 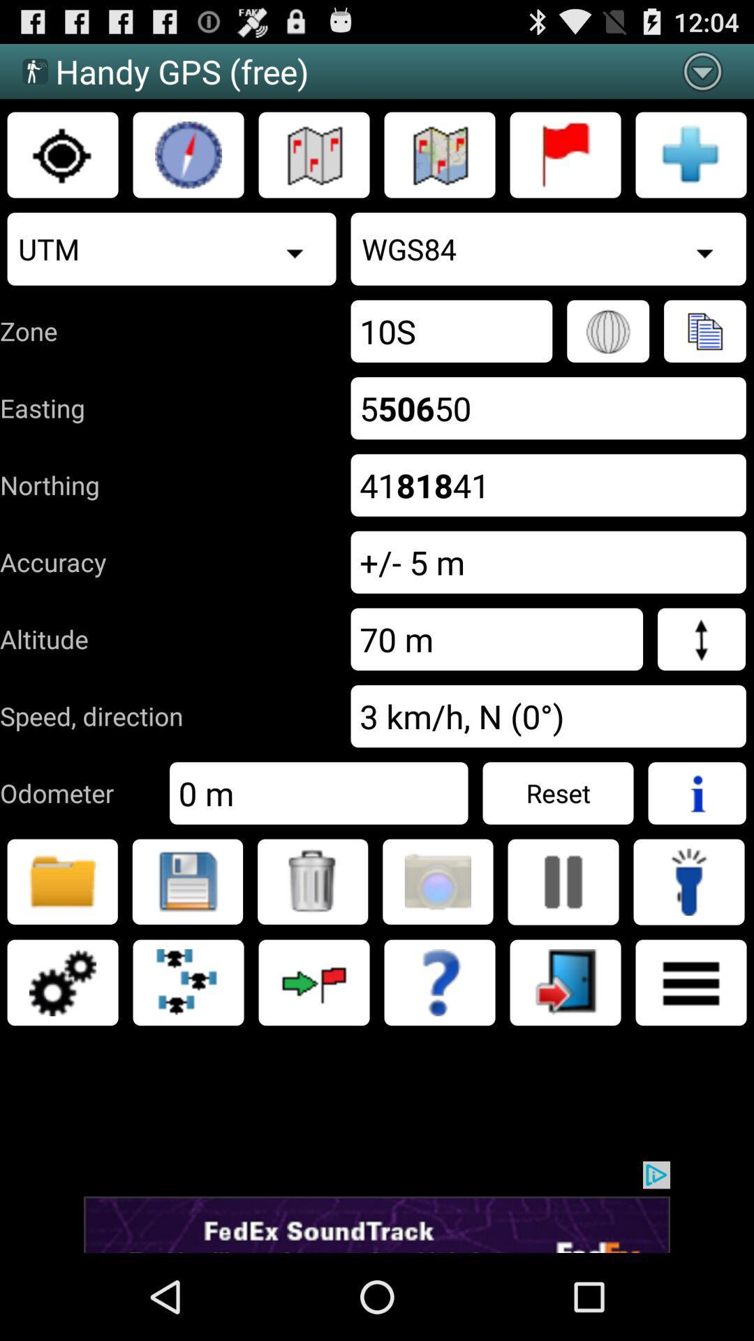 I want to click on the copy icon, so click(x=704, y=354).